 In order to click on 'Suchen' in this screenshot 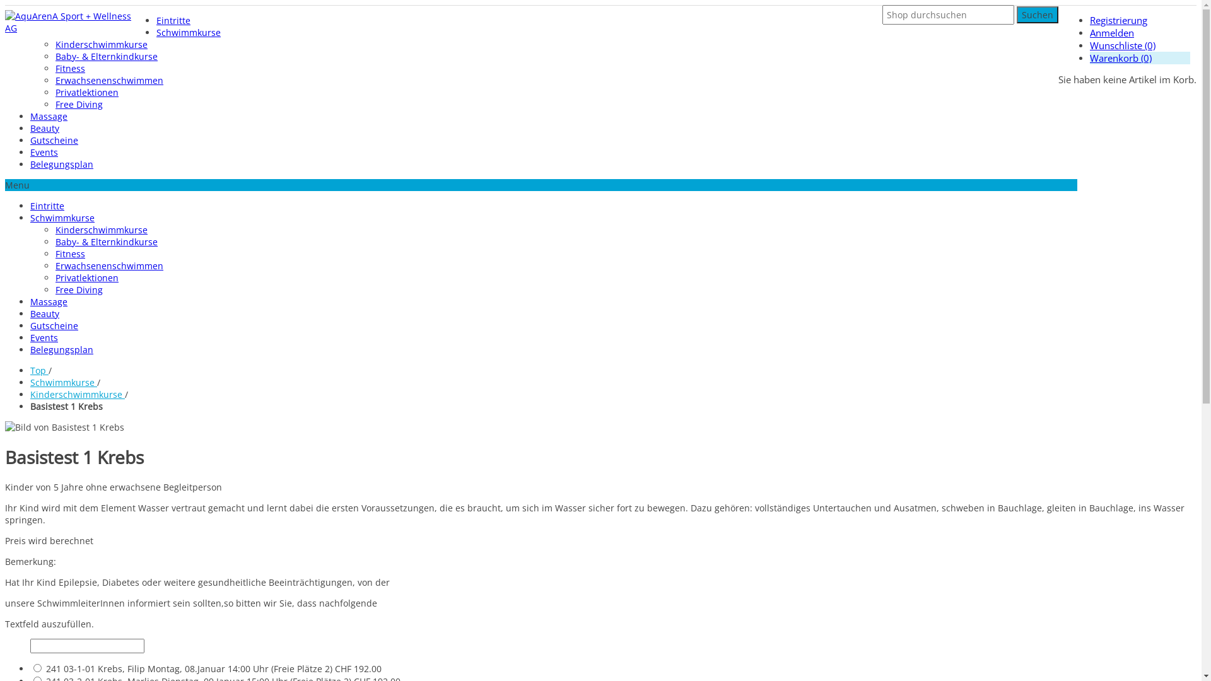, I will do `click(1038, 15)`.